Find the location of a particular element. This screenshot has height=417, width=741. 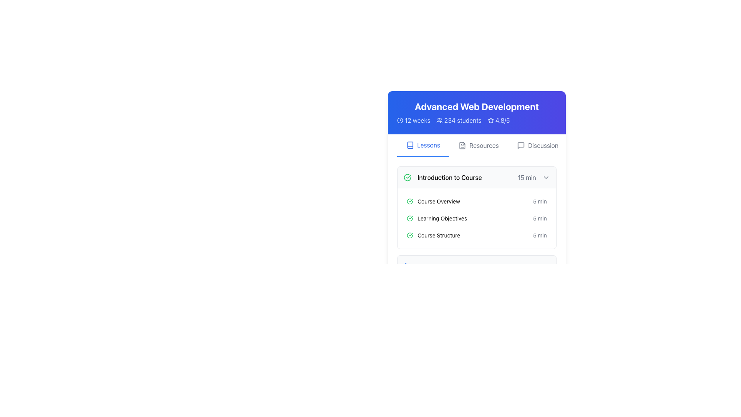

the text component displaying '4.8/5' with a star icon on its left, which is part of a row of related components is located at coordinates (499, 120).